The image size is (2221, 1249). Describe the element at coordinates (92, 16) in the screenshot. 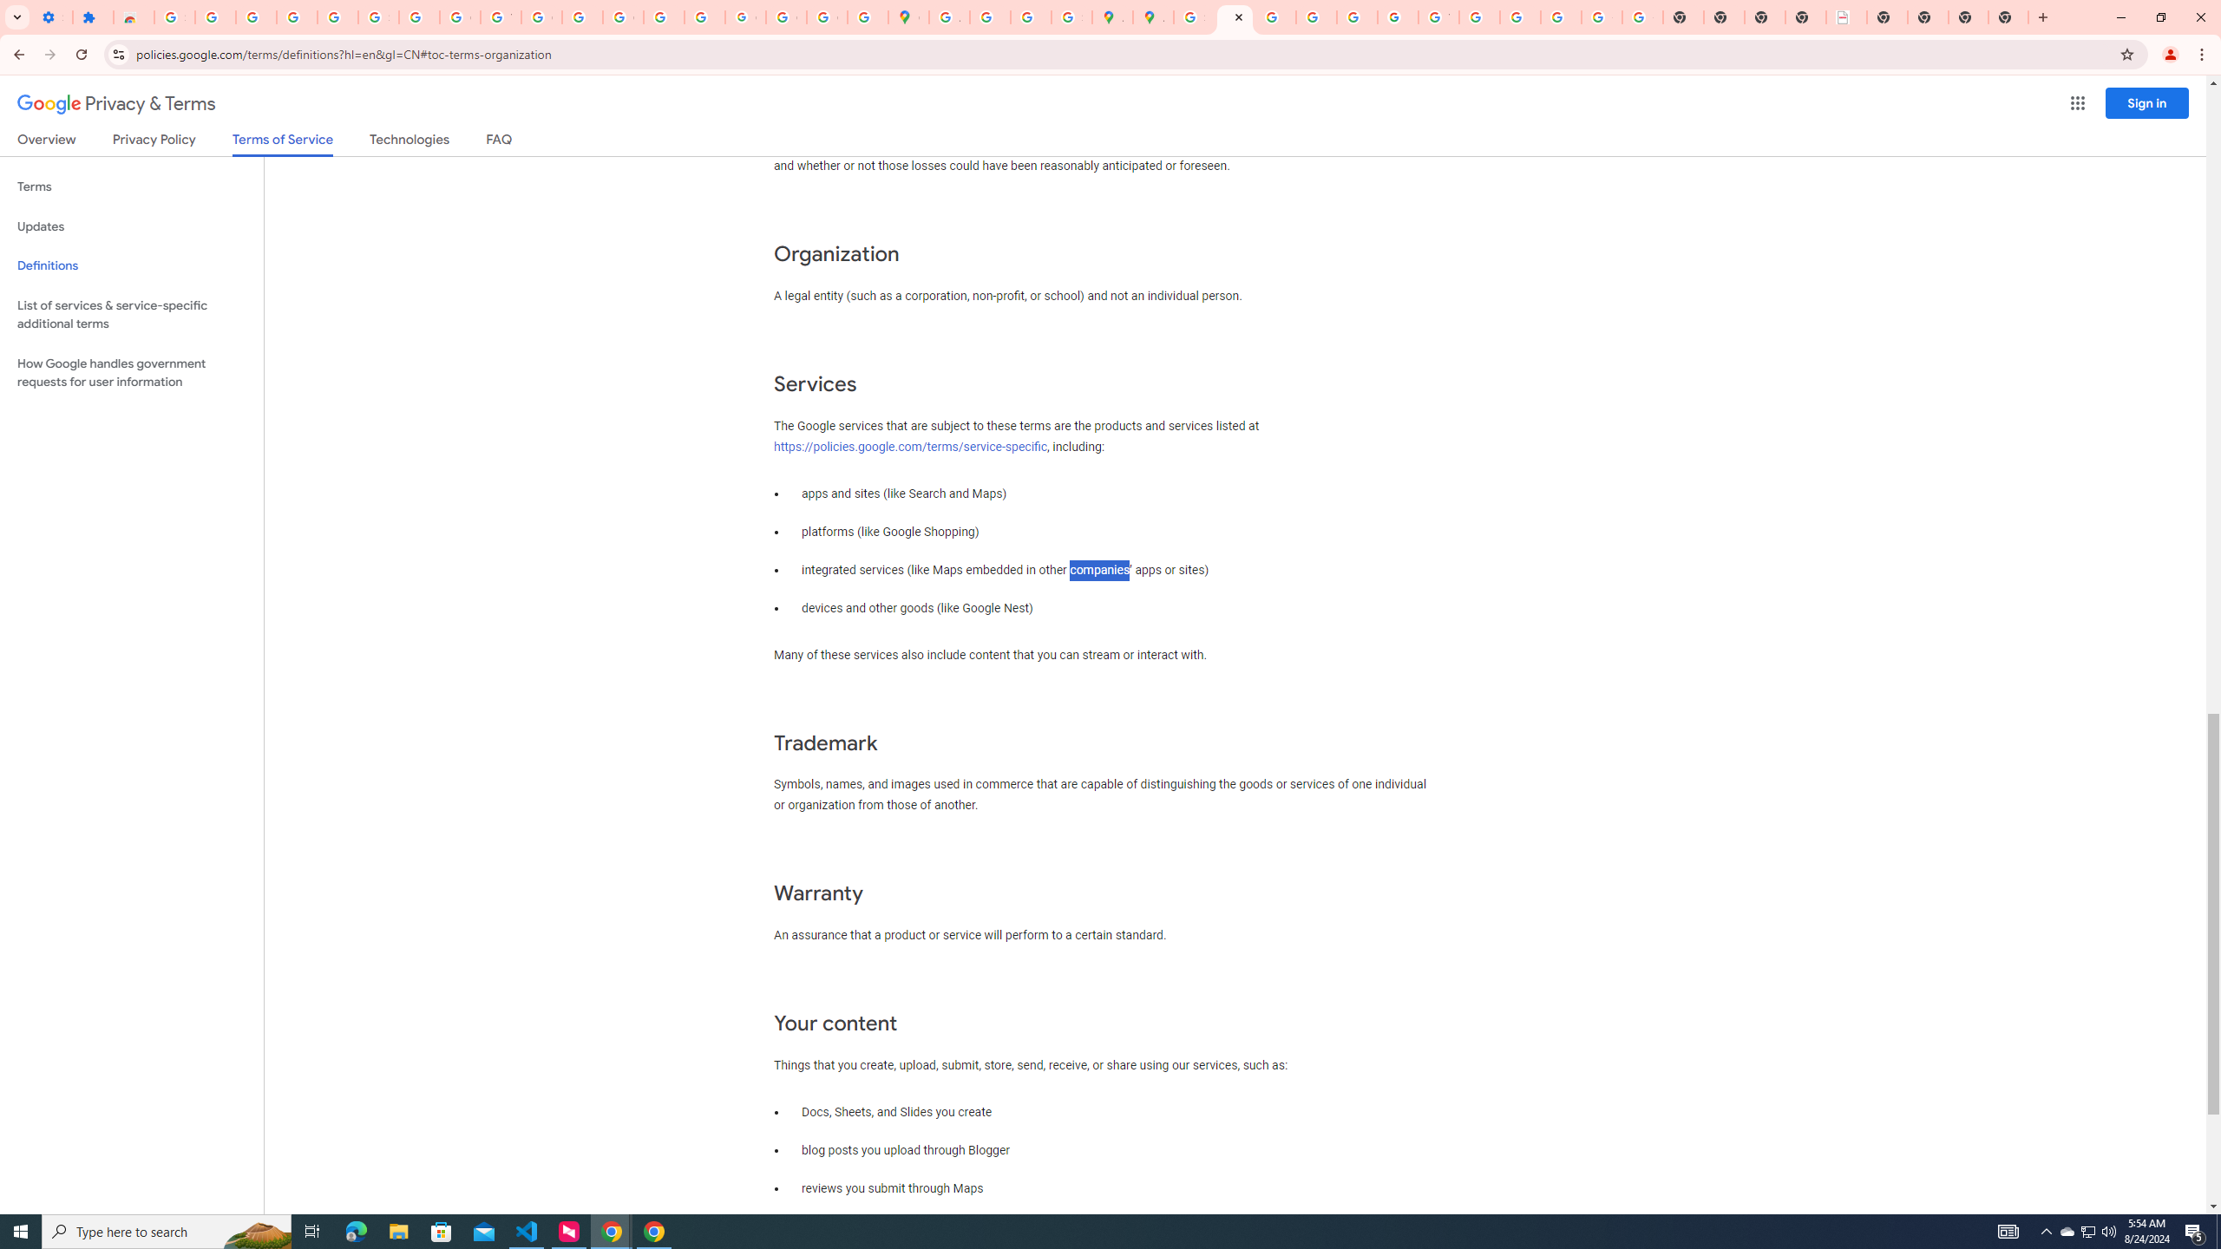

I see `'Extensions'` at that location.